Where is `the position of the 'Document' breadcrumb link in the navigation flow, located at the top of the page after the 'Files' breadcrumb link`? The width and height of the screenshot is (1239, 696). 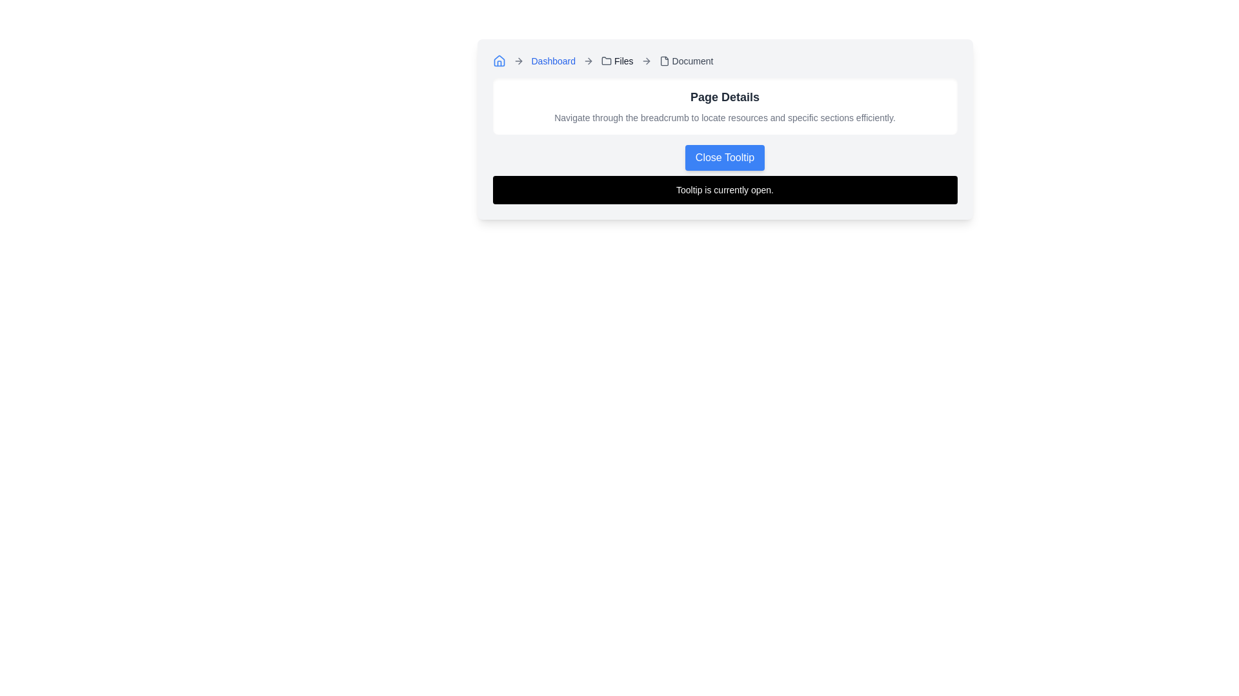
the position of the 'Document' breadcrumb link in the navigation flow, located at the top of the page after the 'Files' breadcrumb link is located at coordinates (692, 61).